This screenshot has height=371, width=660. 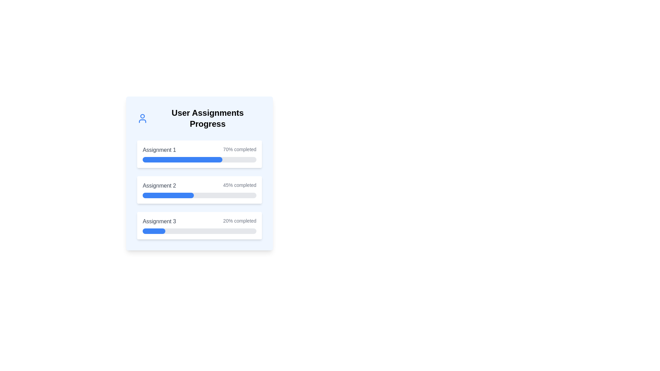 I want to click on the visual representation of the user icon by interacting with the circular component that has a blue border and a white interior, located above the 'User Assignments Progress' text, so click(x=142, y=116).